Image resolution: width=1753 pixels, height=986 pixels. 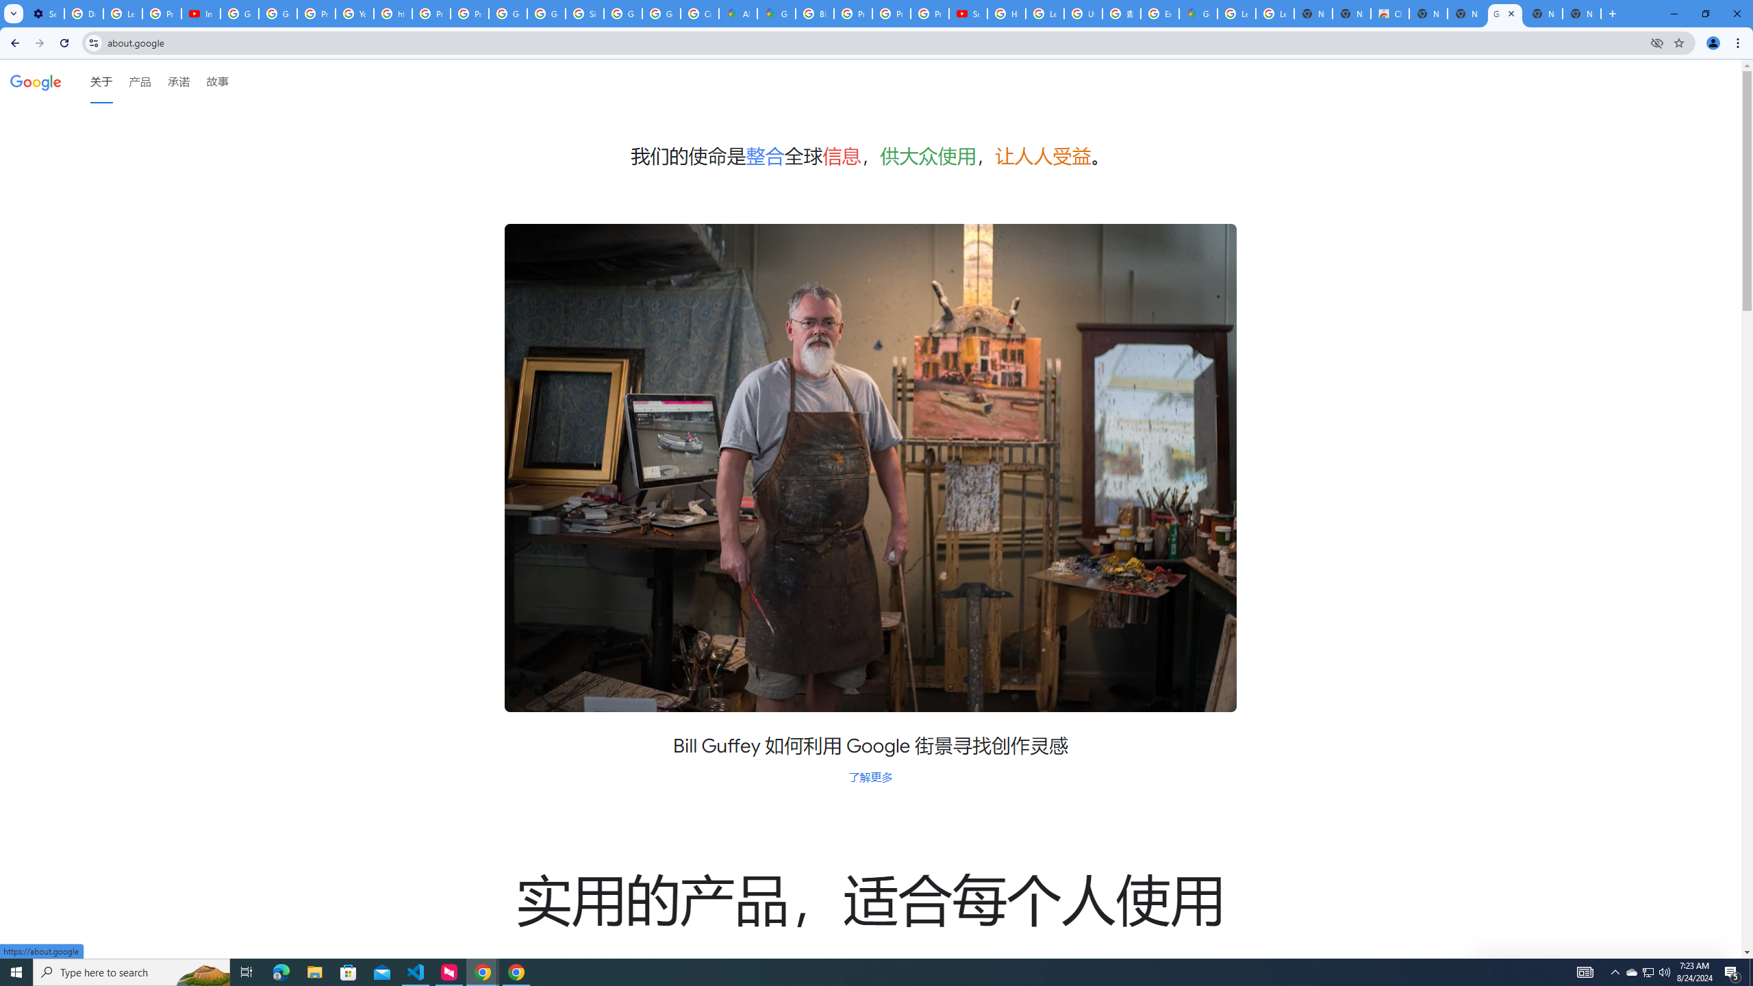 What do you see at coordinates (852, 13) in the screenshot?
I see `'Privacy Help Center - Policies Help'` at bounding box center [852, 13].